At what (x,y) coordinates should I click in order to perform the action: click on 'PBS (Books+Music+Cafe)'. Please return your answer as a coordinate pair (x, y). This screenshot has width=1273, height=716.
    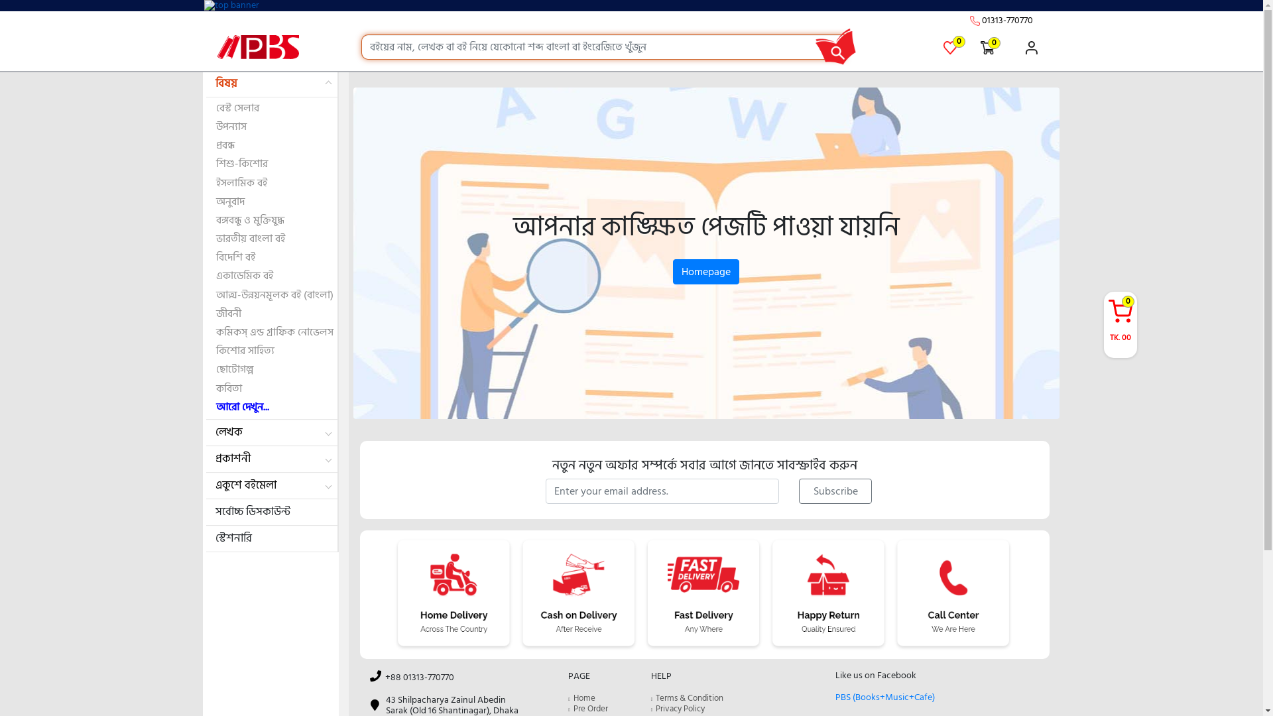
    Looking at the image, I should click on (884, 696).